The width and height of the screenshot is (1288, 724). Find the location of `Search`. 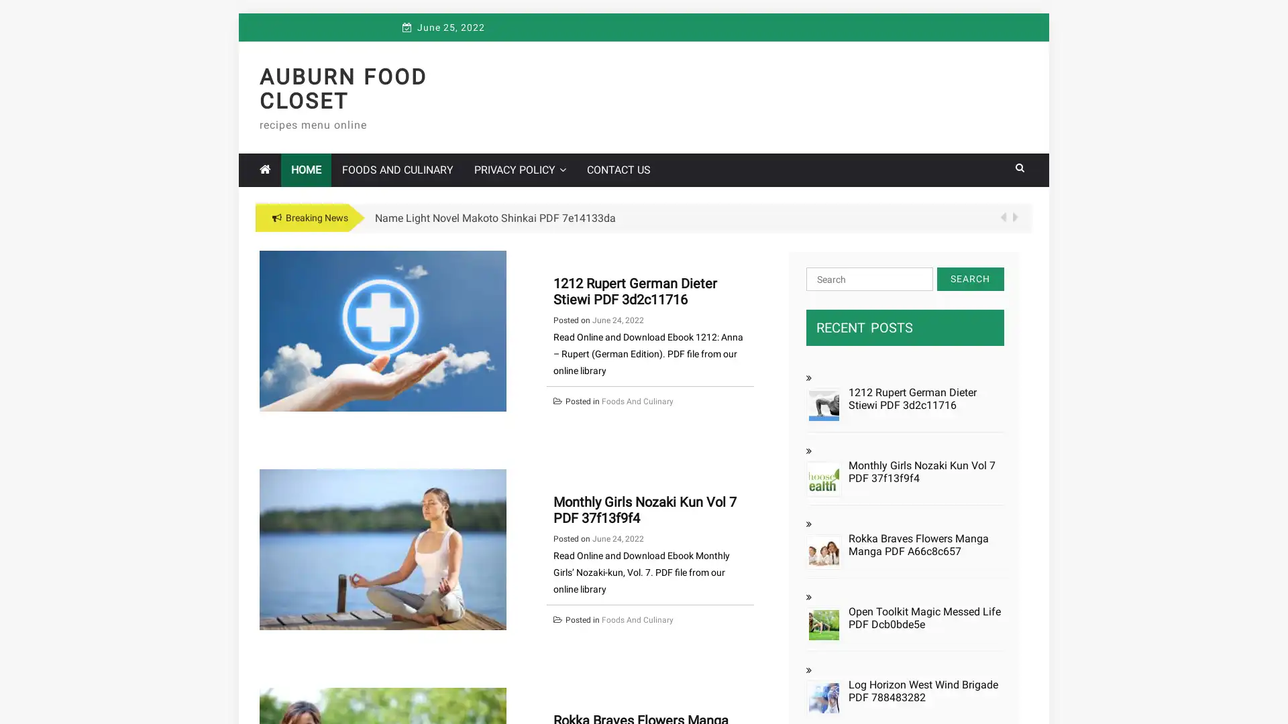

Search is located at coordinates (969, 278).